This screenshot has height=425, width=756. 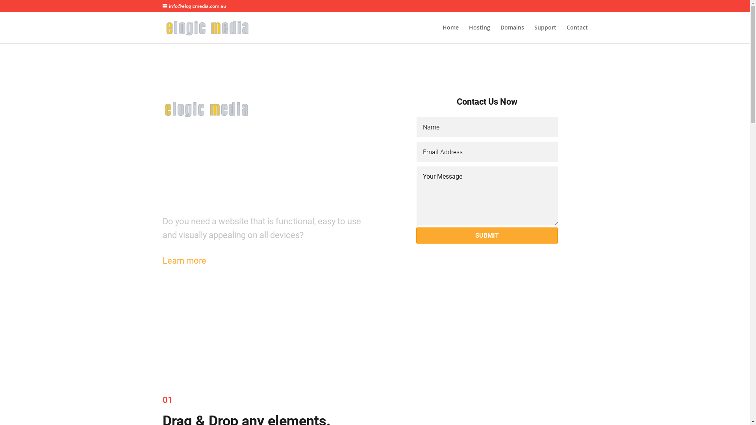 I want to click on 'Learn more', so click(x=162, y=261).